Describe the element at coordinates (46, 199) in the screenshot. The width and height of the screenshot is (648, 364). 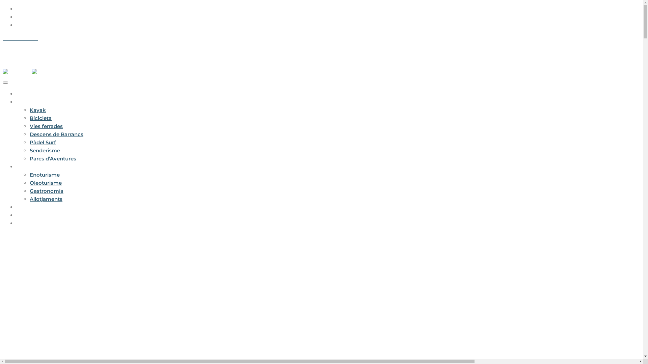
I see `'Allotjaments'` at that location.